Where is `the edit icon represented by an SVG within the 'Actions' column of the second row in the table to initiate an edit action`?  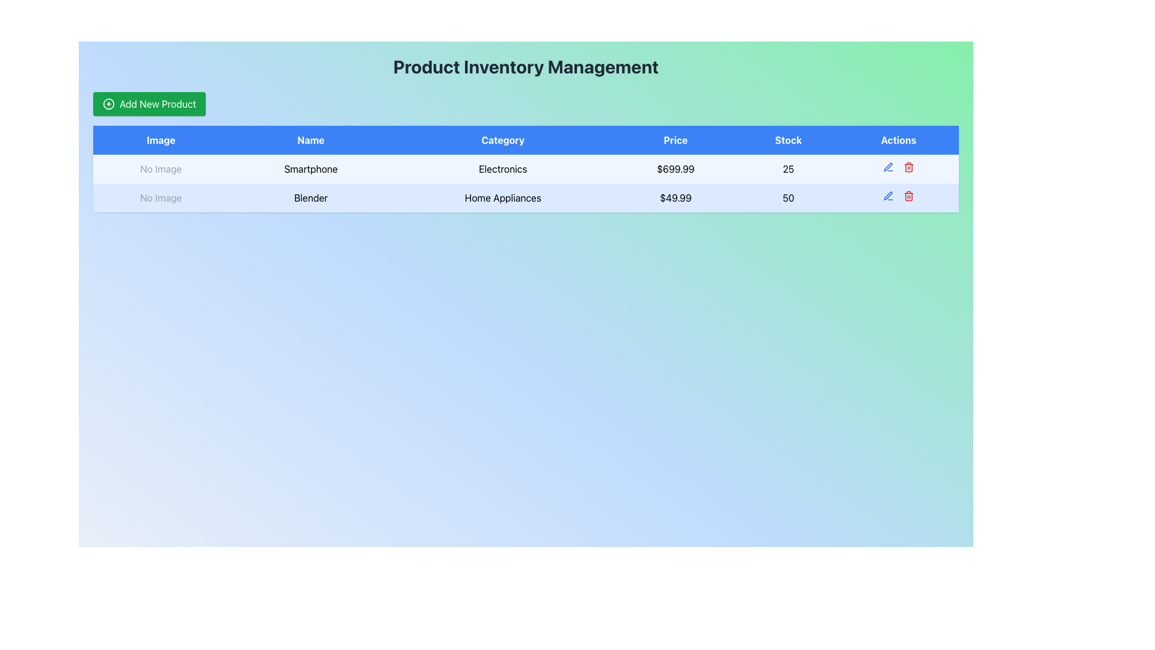 the edit icon represented by an SVG within the 'Actions' column of the second row in the table to initiate an edit action is located at coordinates (888, 195).